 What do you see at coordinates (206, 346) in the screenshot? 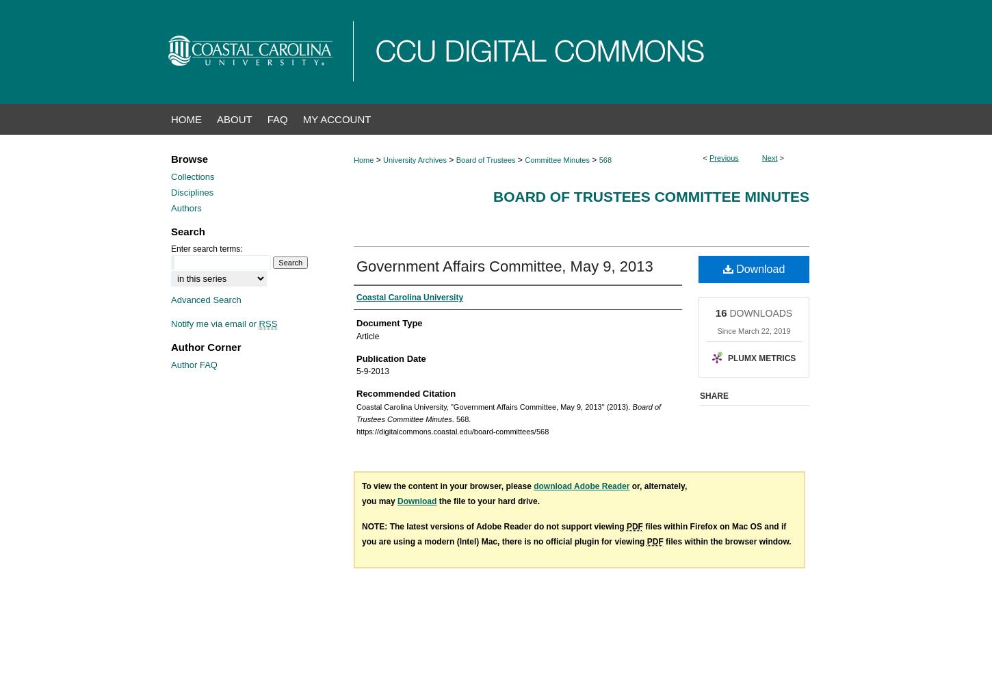
I see `'Author Corner'` at bounding box center [206, 346].